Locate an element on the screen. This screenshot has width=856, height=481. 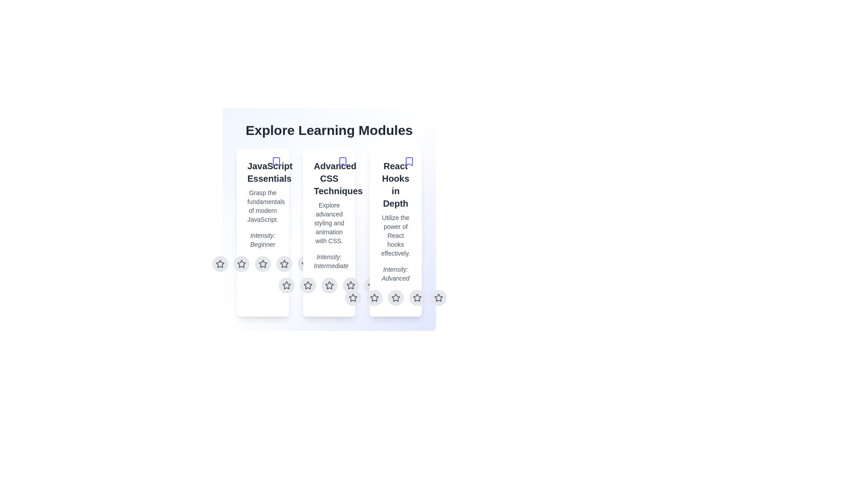
the bookmark icon for the module titled 'Advanced CSS Techniques' is located at coordinates (342, 161).